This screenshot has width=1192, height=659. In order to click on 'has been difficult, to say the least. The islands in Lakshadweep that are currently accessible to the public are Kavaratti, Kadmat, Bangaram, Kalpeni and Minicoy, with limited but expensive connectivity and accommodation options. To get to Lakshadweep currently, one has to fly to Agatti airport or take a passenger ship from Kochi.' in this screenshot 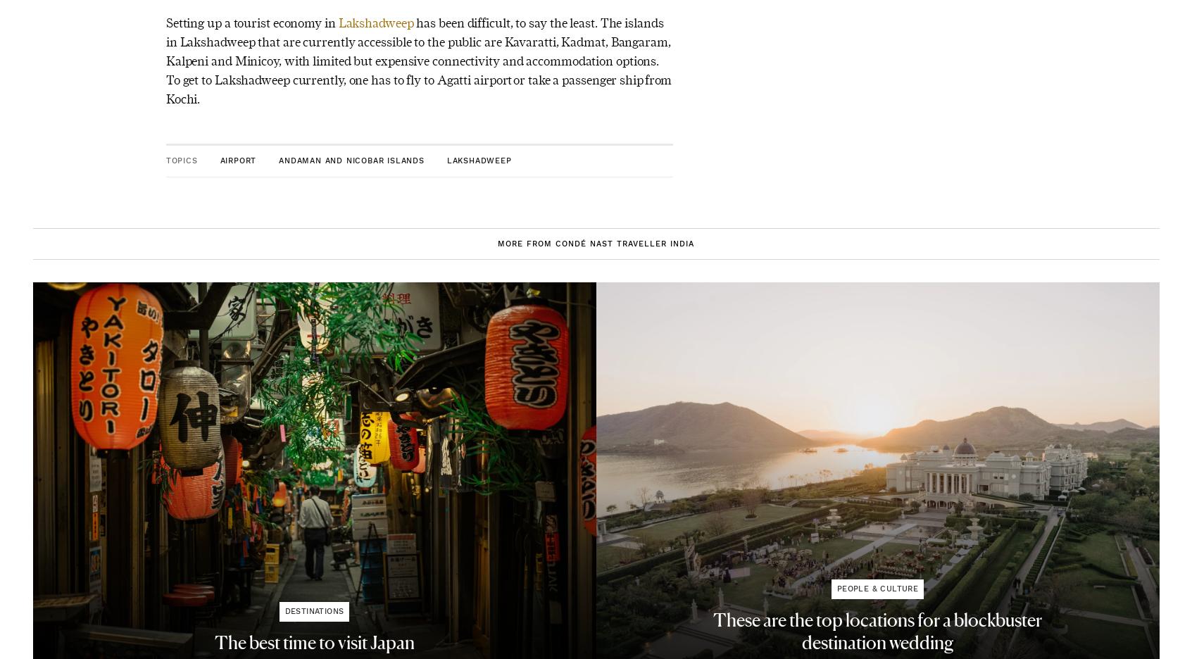, I will do `click(165, 59)`.